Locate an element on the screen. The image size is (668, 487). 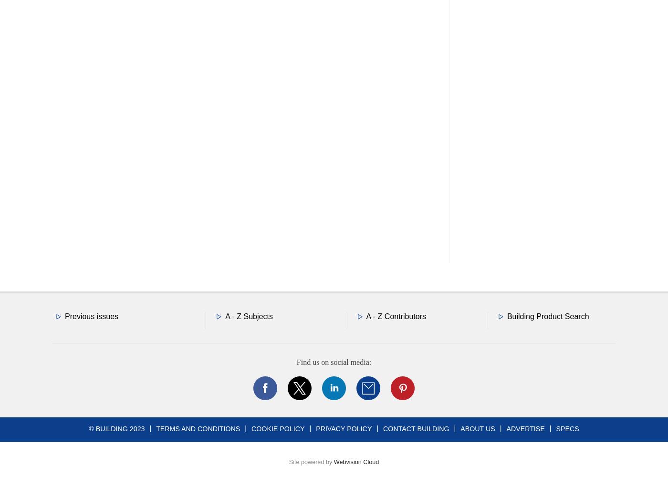
'Specs' is located at coordinates (567, 427).